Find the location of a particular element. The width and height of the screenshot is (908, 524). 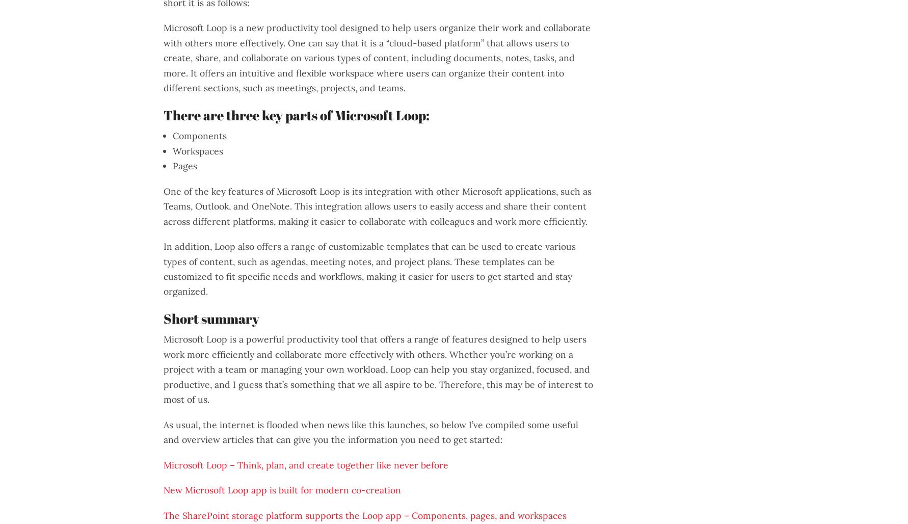

'In addition, Loop also offers a range of customizable templates that can be used to create various types of content, such as agendas, meeting notes, and project plans. These templates can be customized to fit specific needs and workflows, making it easier for users to get started and stay organized.' is located at coordinates (369, 269).